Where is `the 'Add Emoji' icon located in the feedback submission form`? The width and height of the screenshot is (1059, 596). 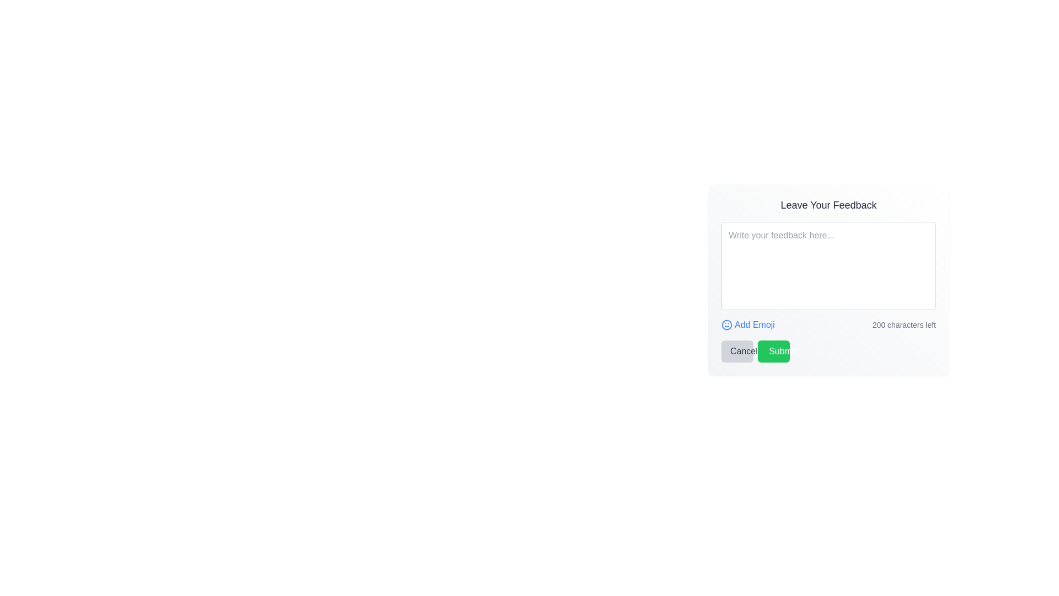 the 'Add Emoji' icon located in the feedback submission form is located at coordinates (727, 324).